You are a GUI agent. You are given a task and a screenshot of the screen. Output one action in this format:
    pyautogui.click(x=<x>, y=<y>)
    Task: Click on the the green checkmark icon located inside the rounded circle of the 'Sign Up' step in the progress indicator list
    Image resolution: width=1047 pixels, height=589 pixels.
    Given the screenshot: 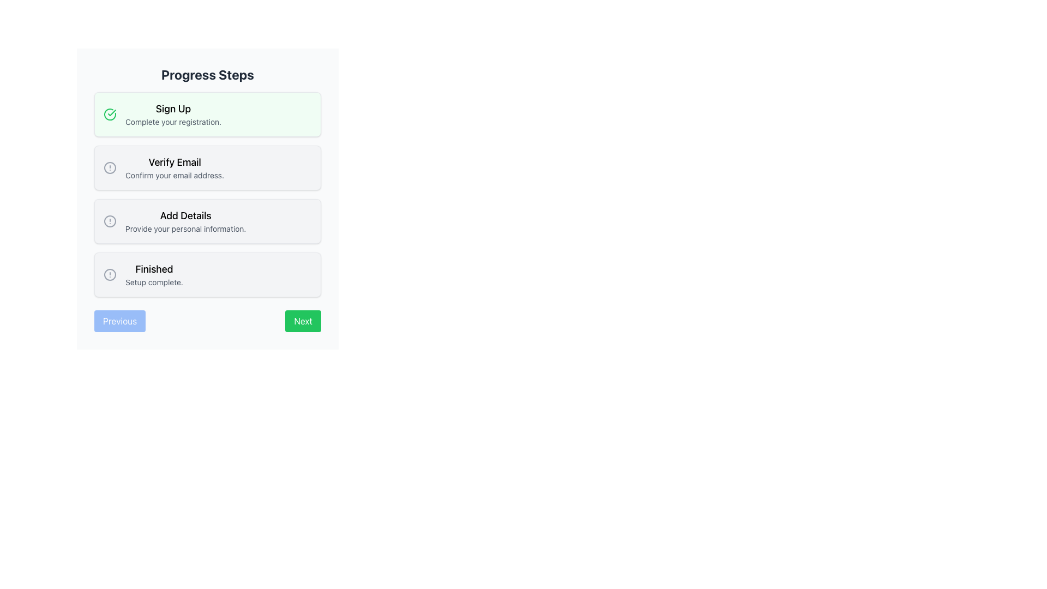 What is the action you would take?
    pyautogui.click(x=112, y=113)
    